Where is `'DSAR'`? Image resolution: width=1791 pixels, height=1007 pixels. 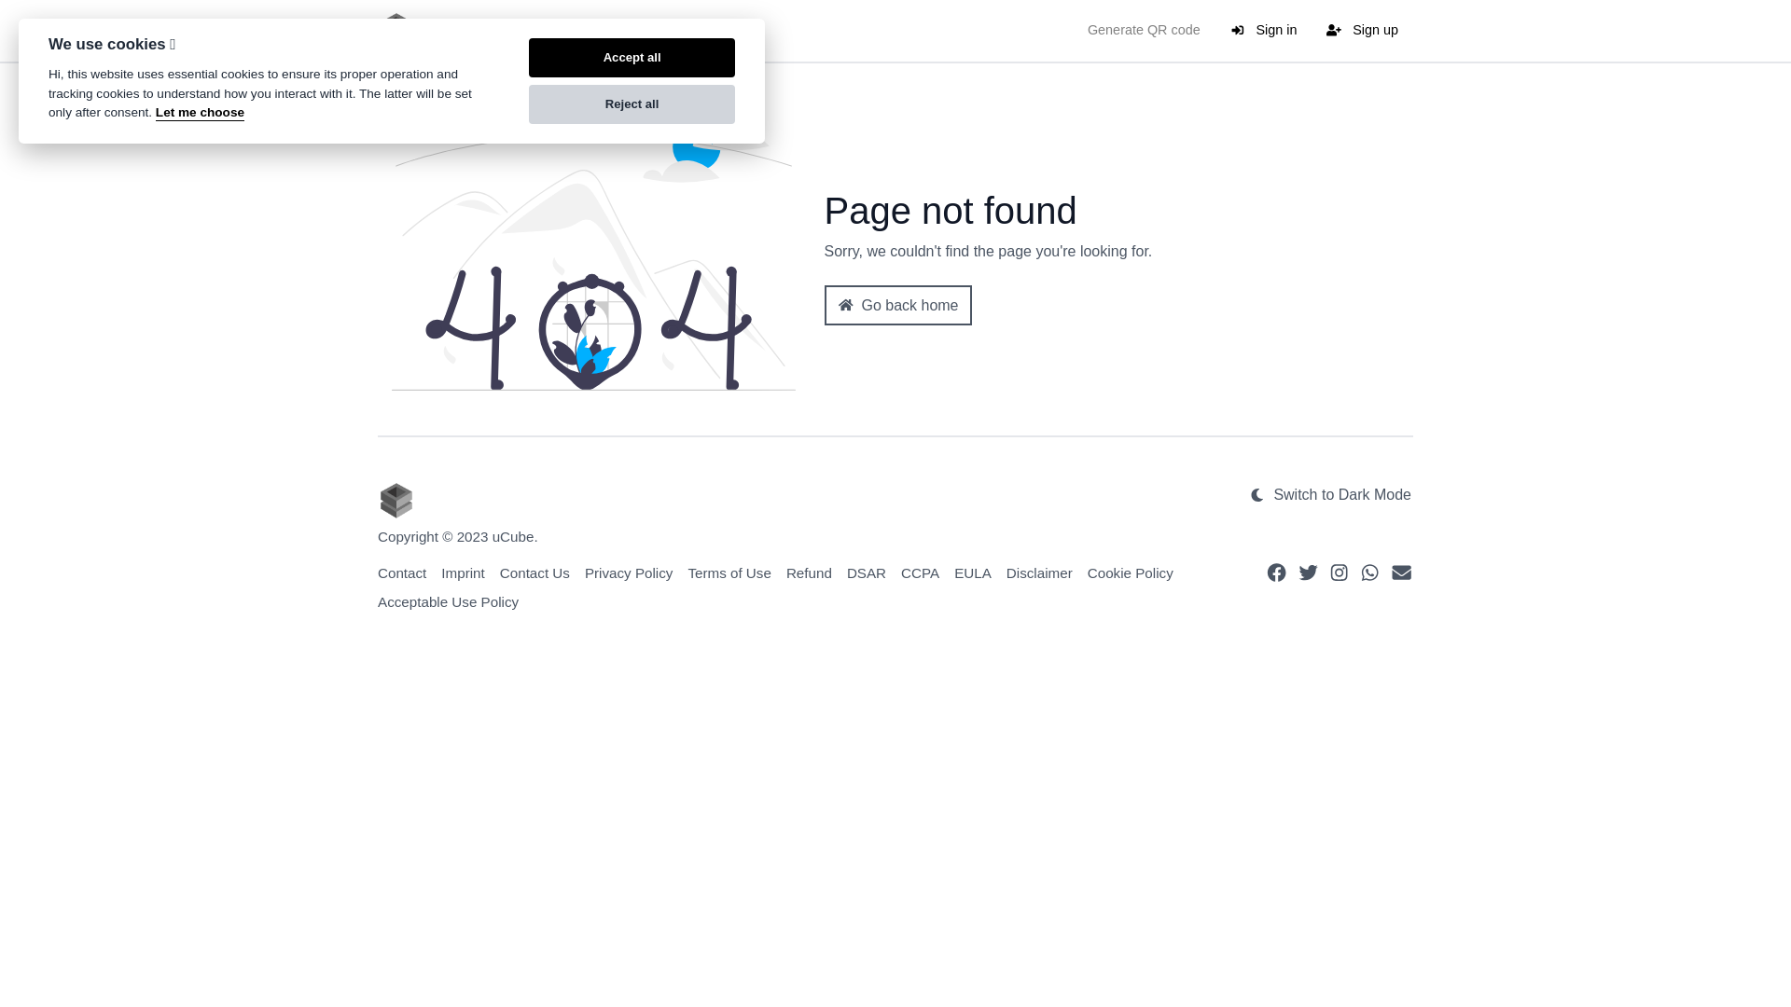
'DSAR' is located at coordinates (866, 572).